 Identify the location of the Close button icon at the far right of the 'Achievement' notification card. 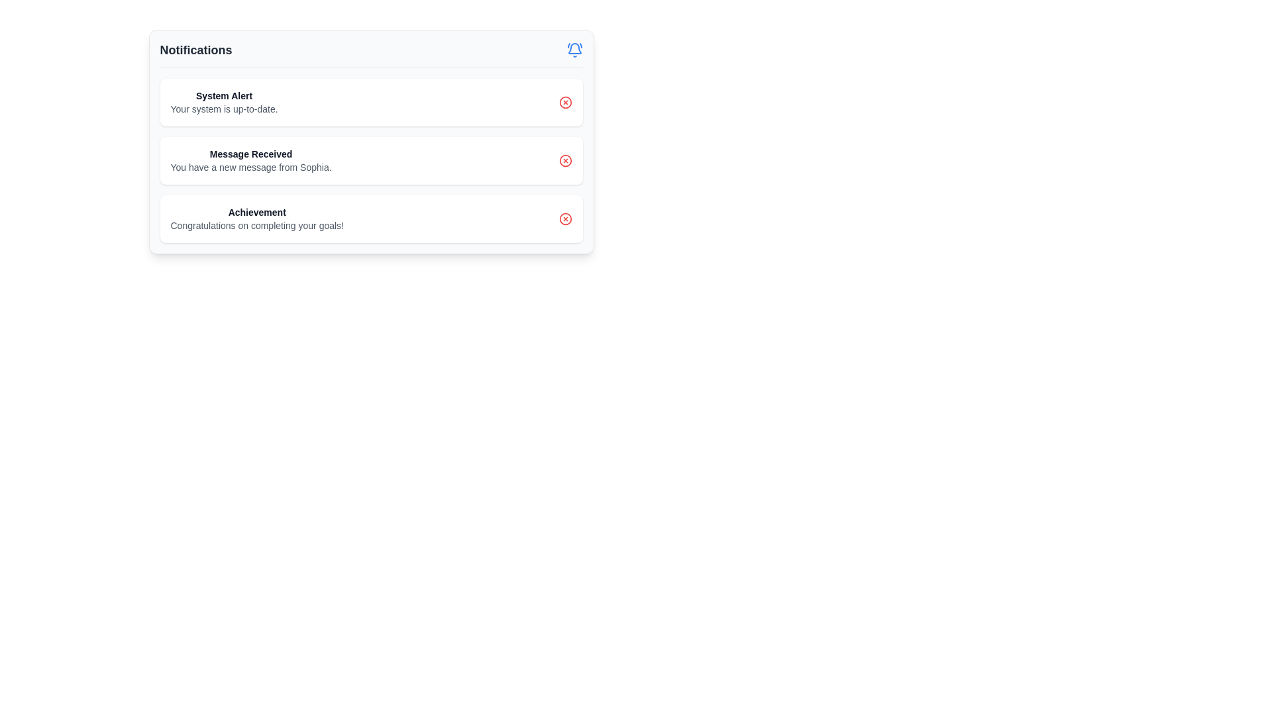
(565, 218).